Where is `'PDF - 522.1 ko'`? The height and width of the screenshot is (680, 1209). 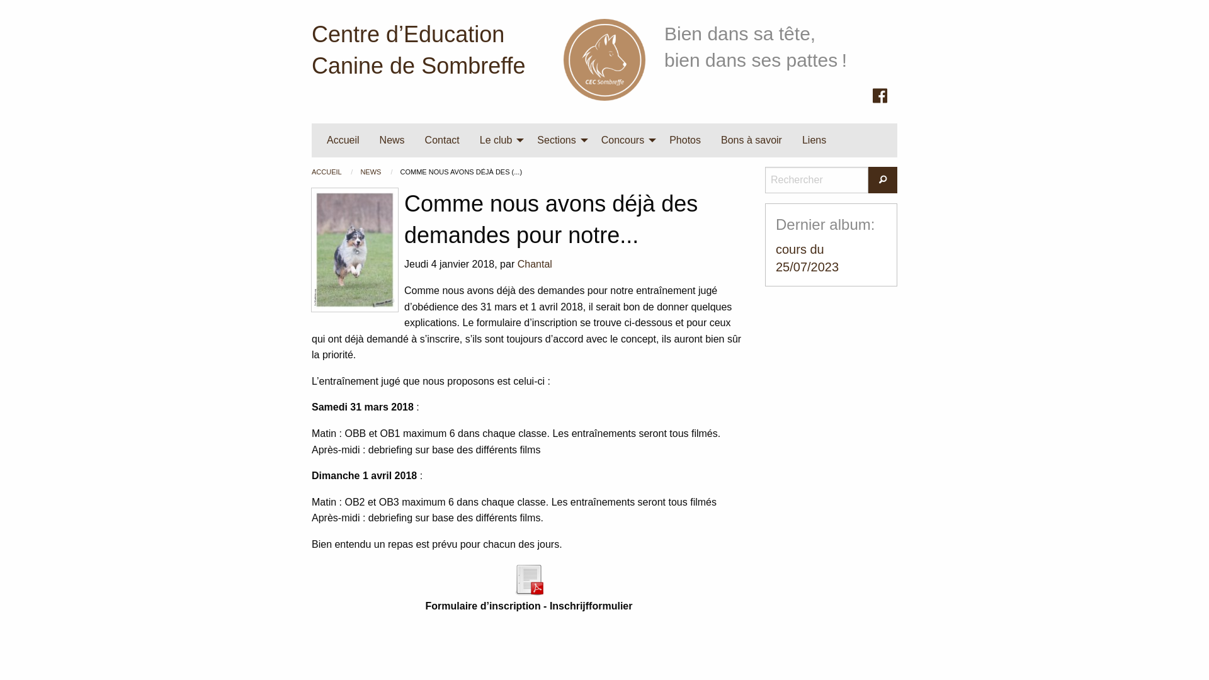
'PDF - 522.1 ko' is located at coordinates (529, 578).